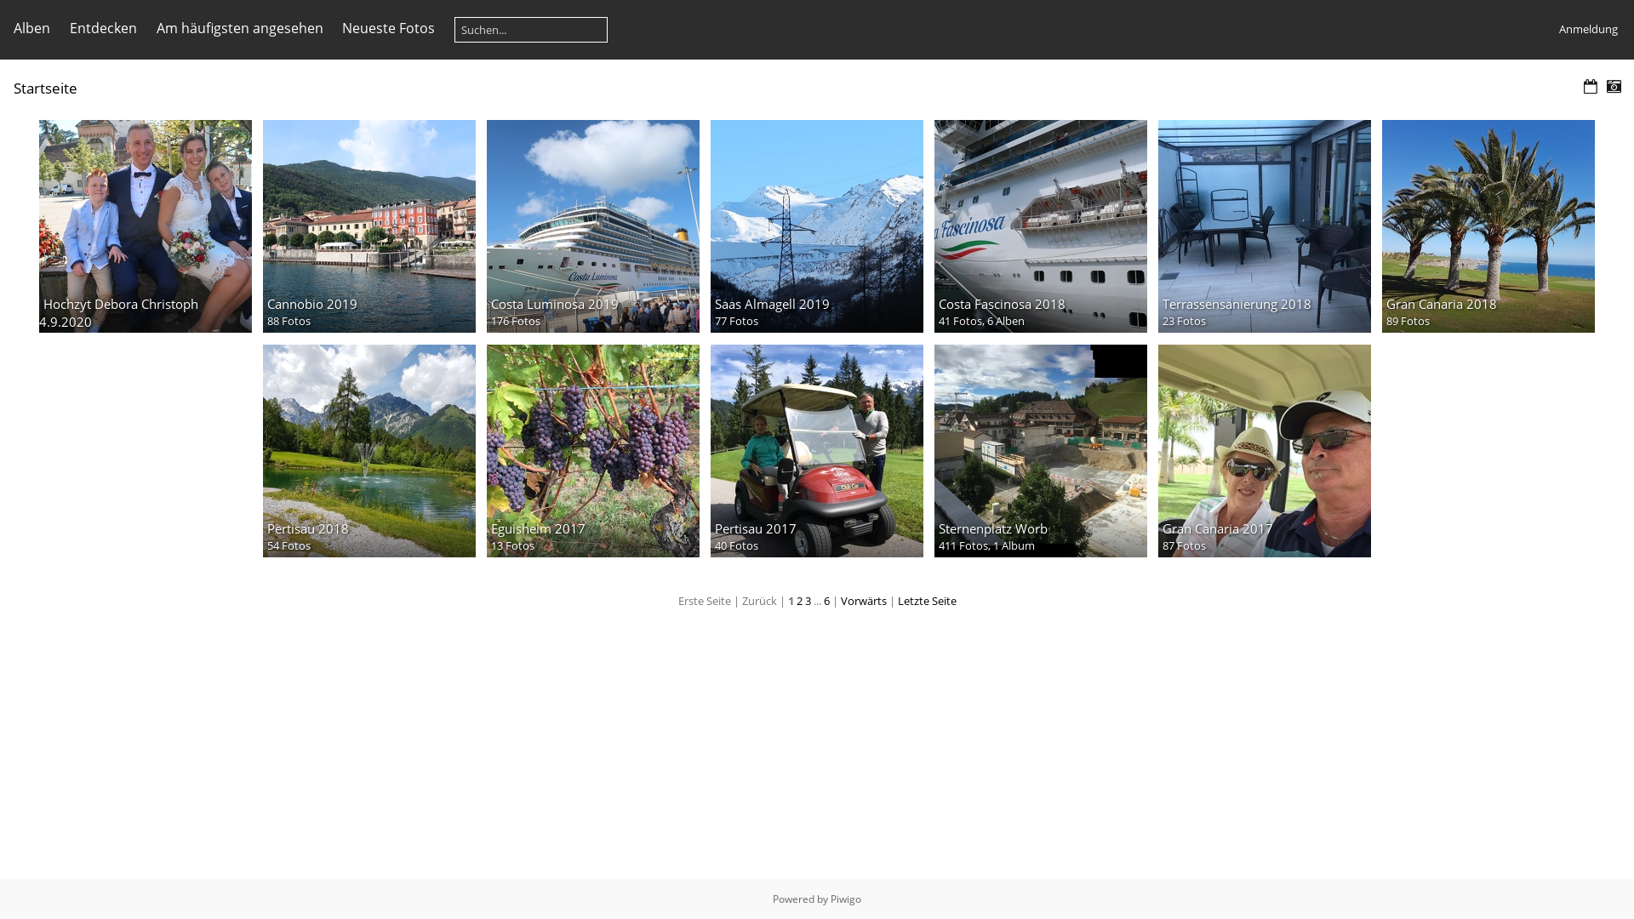  Describe the element at coordinates (1587, 29) in the screenshot. I see `'Anmeldung'` at that location.